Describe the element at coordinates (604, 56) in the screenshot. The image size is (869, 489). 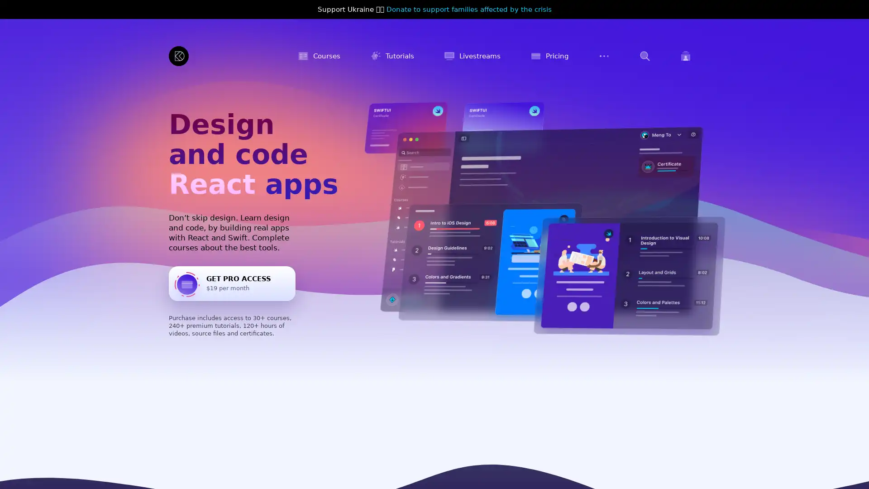
I see `undefined icon` at that location.